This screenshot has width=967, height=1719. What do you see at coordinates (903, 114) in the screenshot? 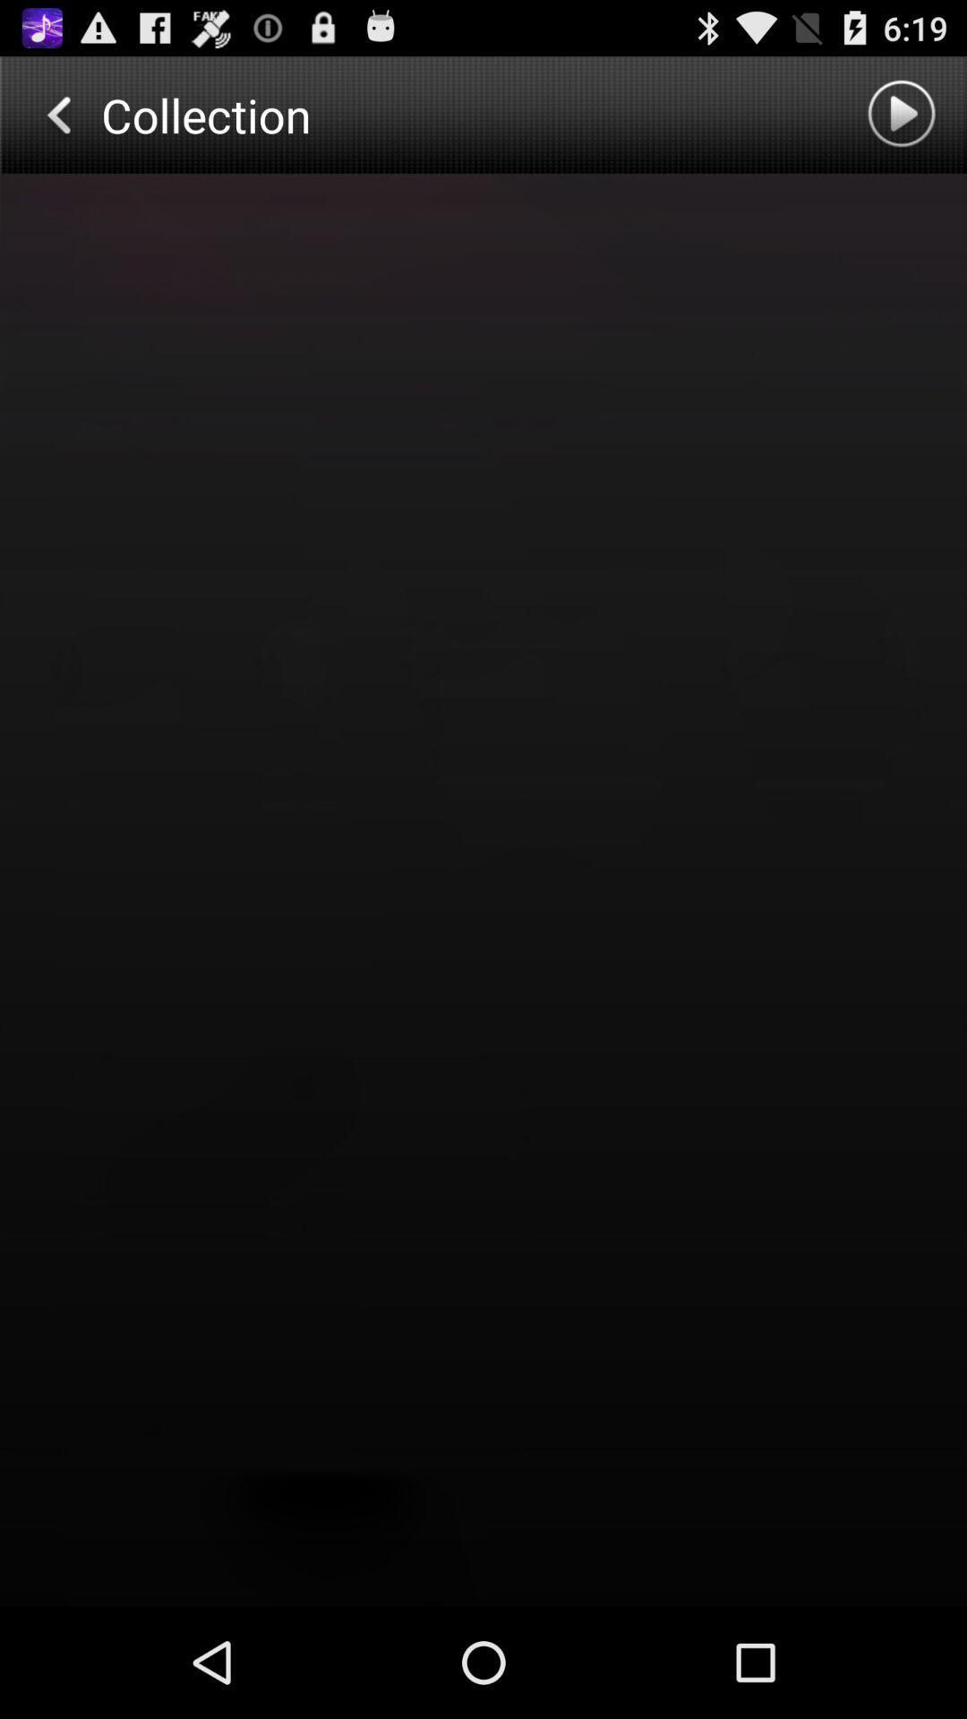
I see `play` at bounding box center [903, 114].